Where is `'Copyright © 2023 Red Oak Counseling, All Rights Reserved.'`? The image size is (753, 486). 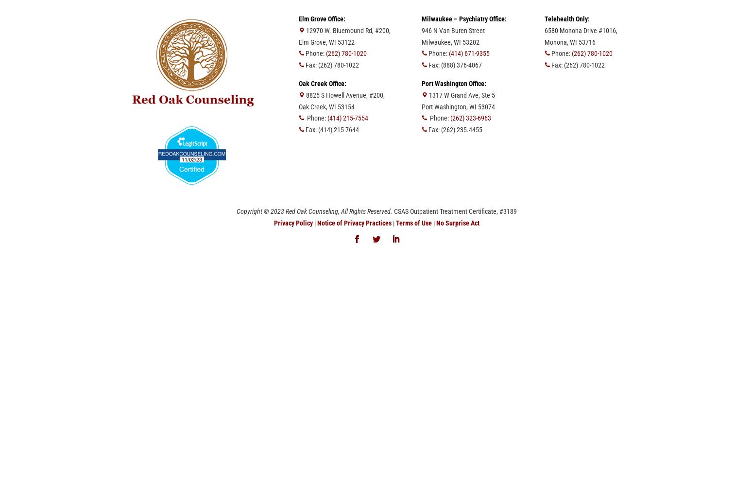 'Copyright © 2023 Red Oak Counseling, All Rights Reserved.' is located at coordinates (235, 211).